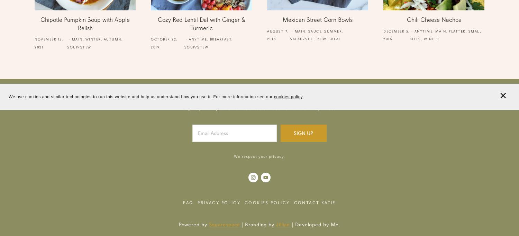 This screenshot has height=236, width=519. Describe the element at coordinates (293, 202) in the screenshot. I see `'Contact Katie'` at that location.